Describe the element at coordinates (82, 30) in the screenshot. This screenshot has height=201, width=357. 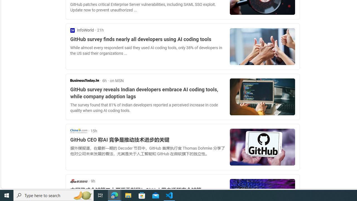
I see `'Search news from InfoWorld'` at that location.